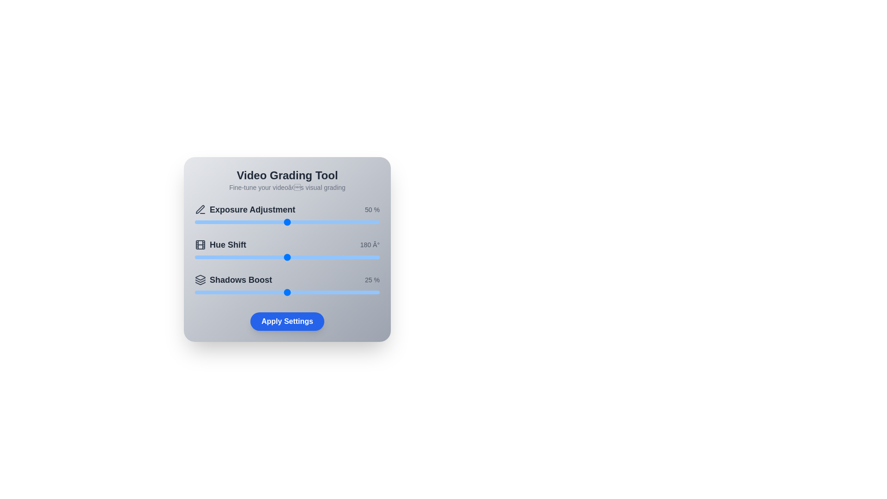 The width and height of the screenshot is (887, 499). What do you see at coordinates (344, 222) in the screenshot?
I see `the exposure adjustment` at bounding box center [344, 222].